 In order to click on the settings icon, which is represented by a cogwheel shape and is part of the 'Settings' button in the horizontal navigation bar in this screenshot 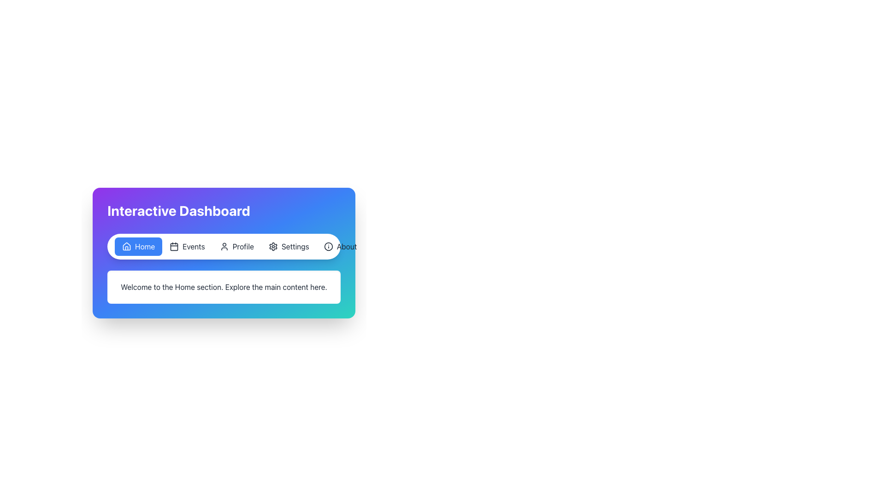, I will do `click(272, 246)`.